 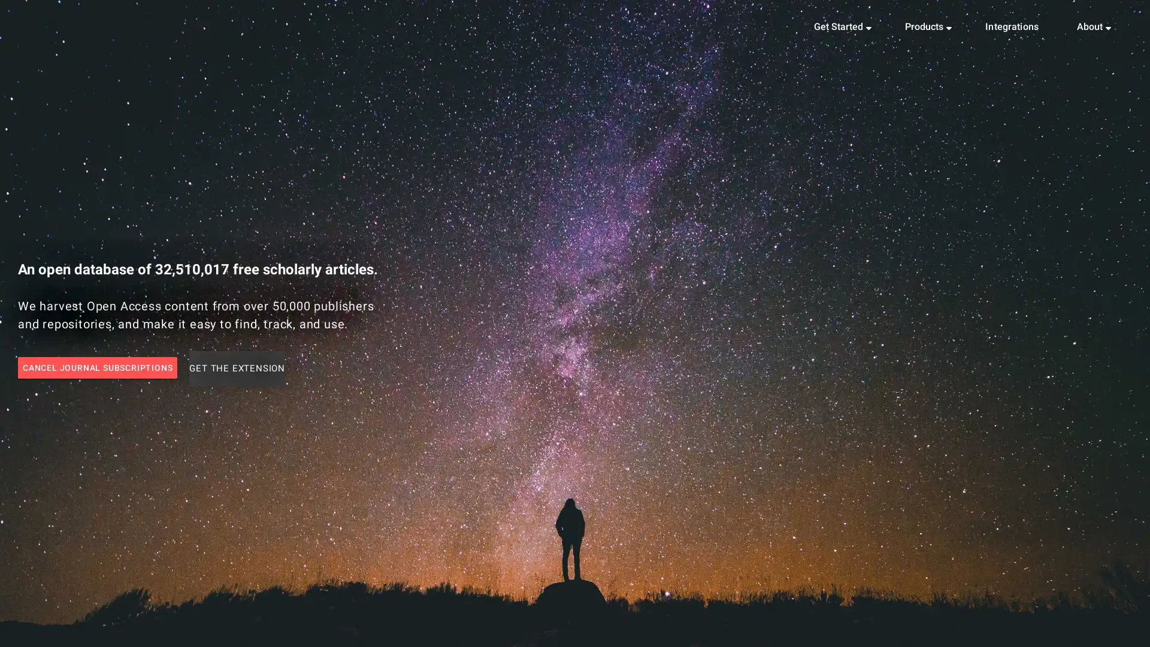 What do you see at coordinates (842, 26) in the screenshot?
I see `Get Started` at bounding box center [842, 26].